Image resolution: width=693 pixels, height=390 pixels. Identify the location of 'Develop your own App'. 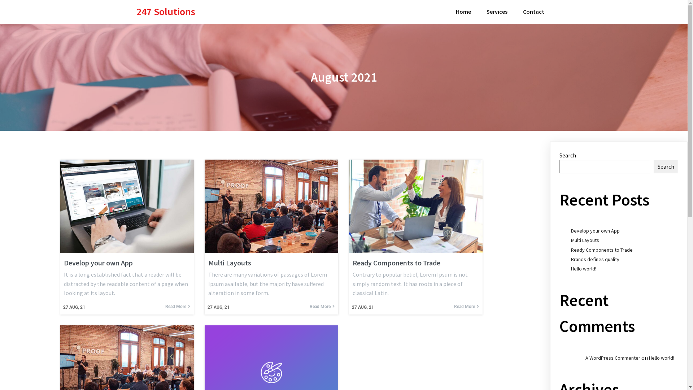
(64, 263).